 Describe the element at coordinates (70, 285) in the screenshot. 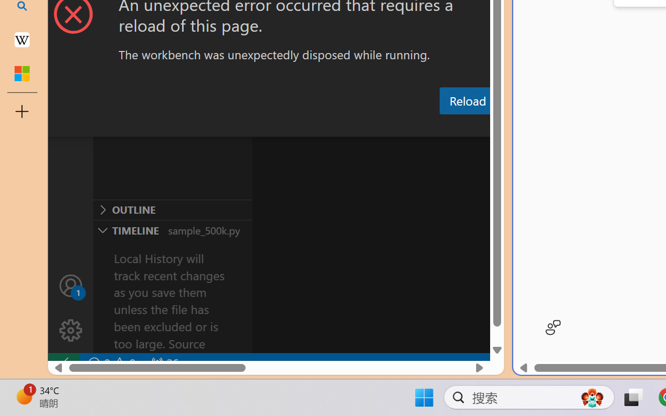

I see `'Accounts - Sign in requested'` at that location.